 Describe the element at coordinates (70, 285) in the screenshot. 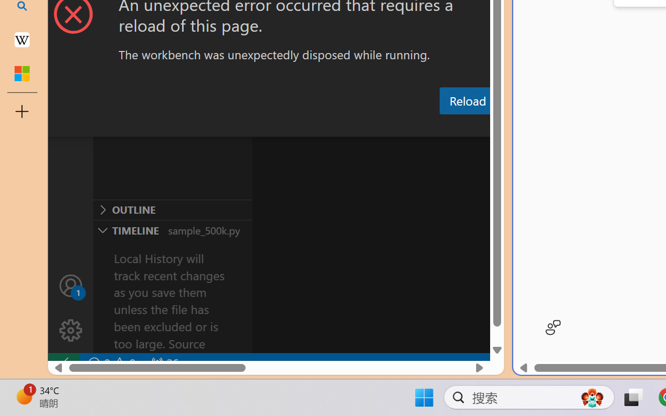

I see `'Accounts - Sign in requested'` at that location.